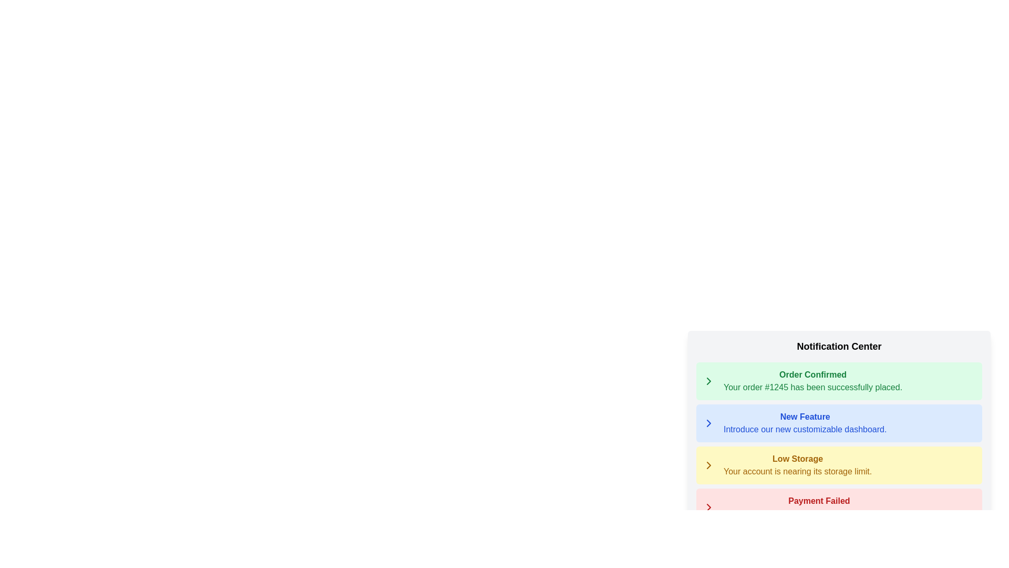 The height and width of the screenshot is (568, 1009). What do you see at coordinates (798, 464) in the screenshot?
I see `the non-interactive Text Display (Notification Item) that indicates the user's account is running out of storage, located in the Notification Center` at bounding box center [798, 464].